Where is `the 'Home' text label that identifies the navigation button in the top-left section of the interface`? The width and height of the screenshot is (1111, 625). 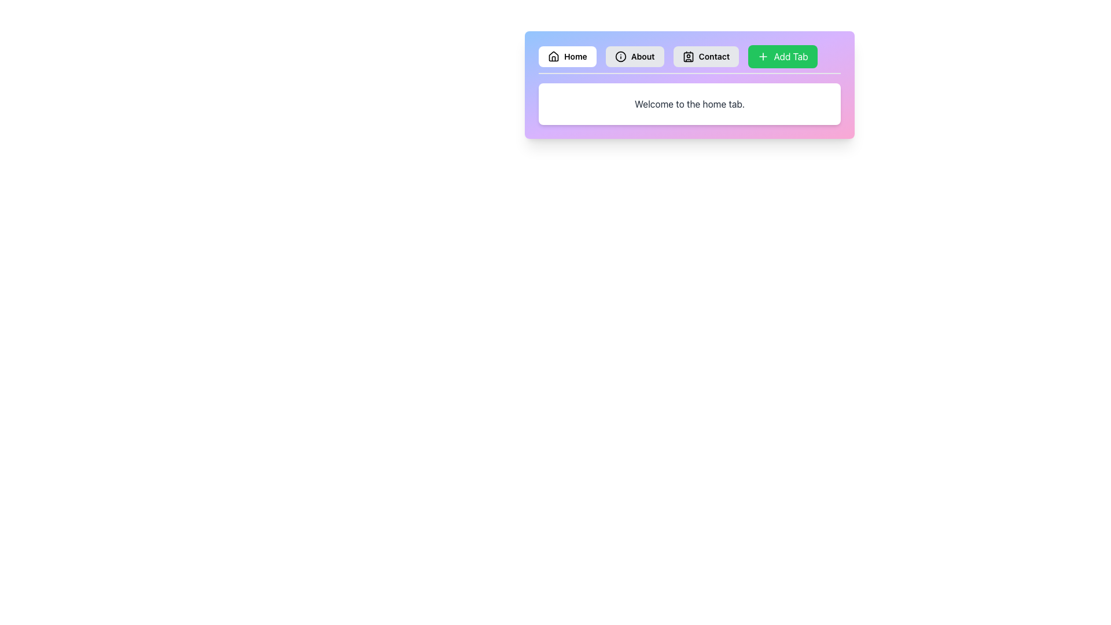
the 'Home' text label that identifies the navigation button in the top-left section of the interface is located at coordinates (575, 56).